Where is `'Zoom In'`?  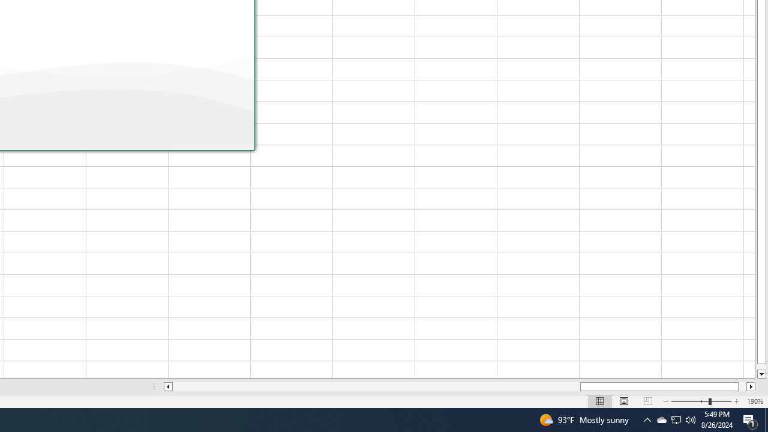
'Zoom In' is located at coordinates (701, 401).